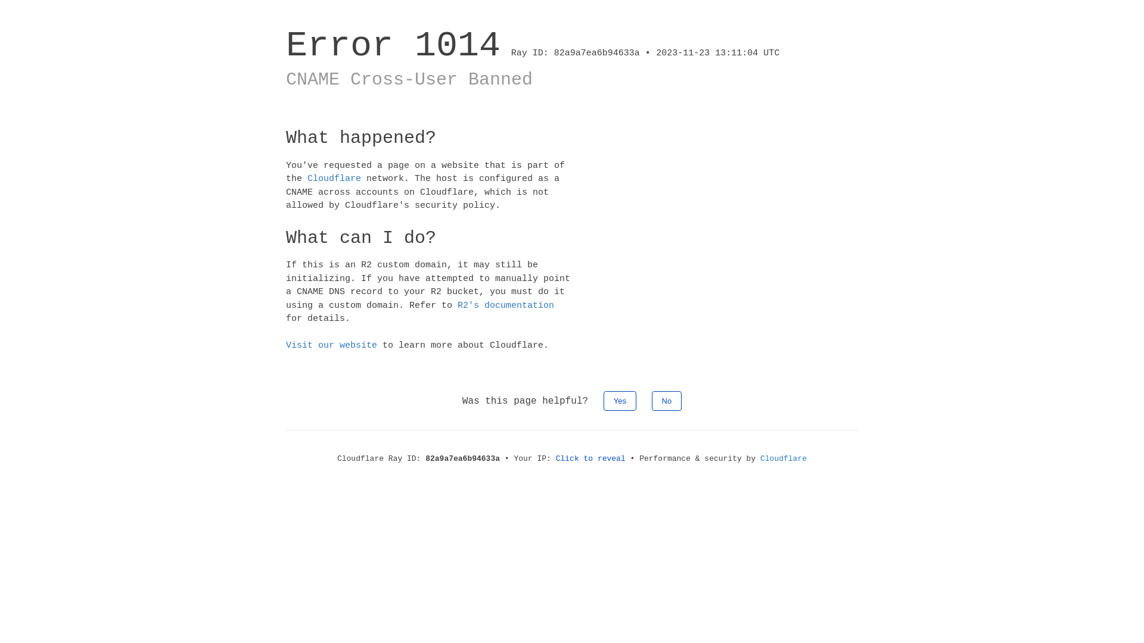 The image size is (1144, 643). Describe the element at coordinates (331, 345) in the screenshot. I see `'Visit our website'` at that location.